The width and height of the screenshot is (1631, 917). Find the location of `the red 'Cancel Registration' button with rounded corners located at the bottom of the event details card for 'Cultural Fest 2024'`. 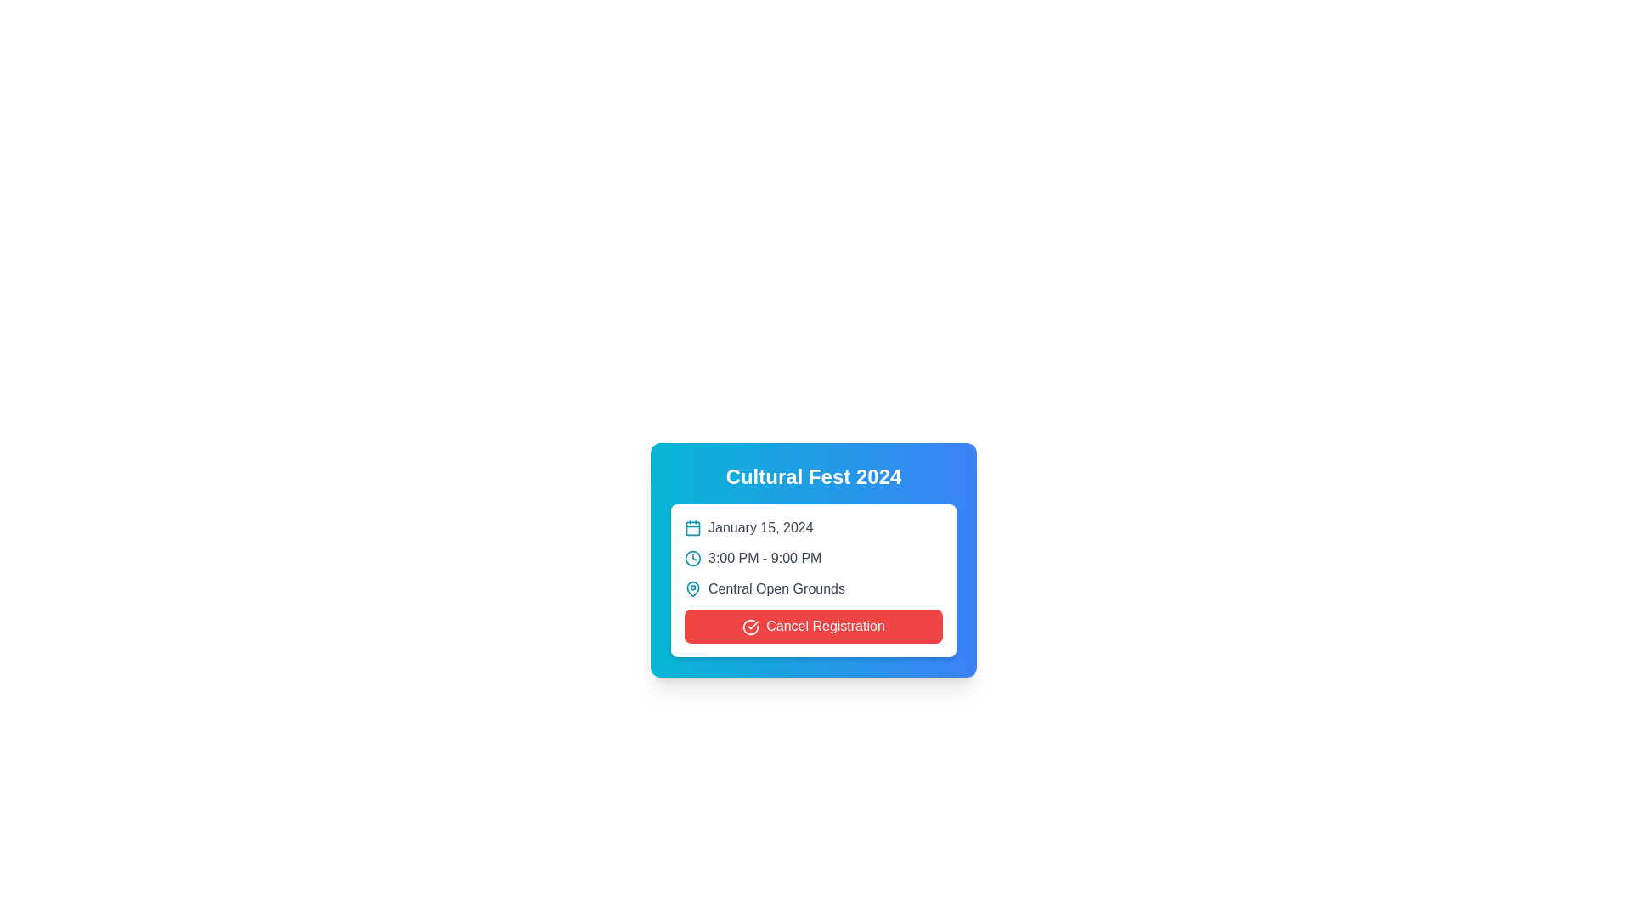

the red 'Cancel Registration' button with rounded corners located at the bottom of the event details card for 'Cultural Fest 2024' is located at coordinates (813, 626).